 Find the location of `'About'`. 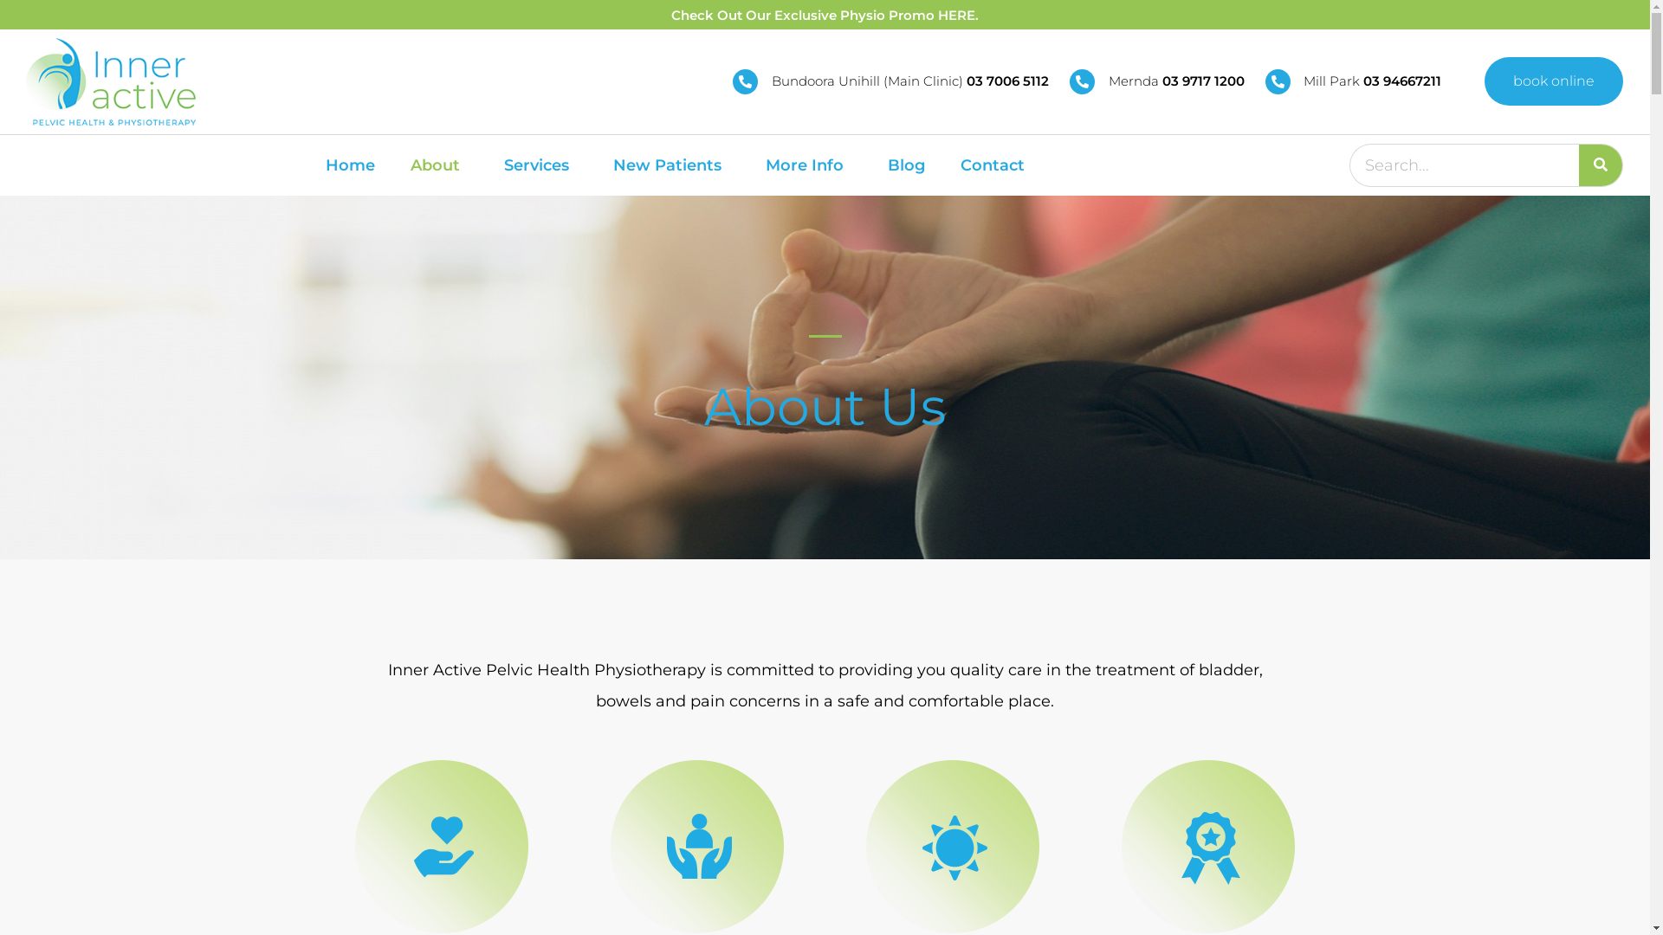

'About' is located at coordinates (439, 165).